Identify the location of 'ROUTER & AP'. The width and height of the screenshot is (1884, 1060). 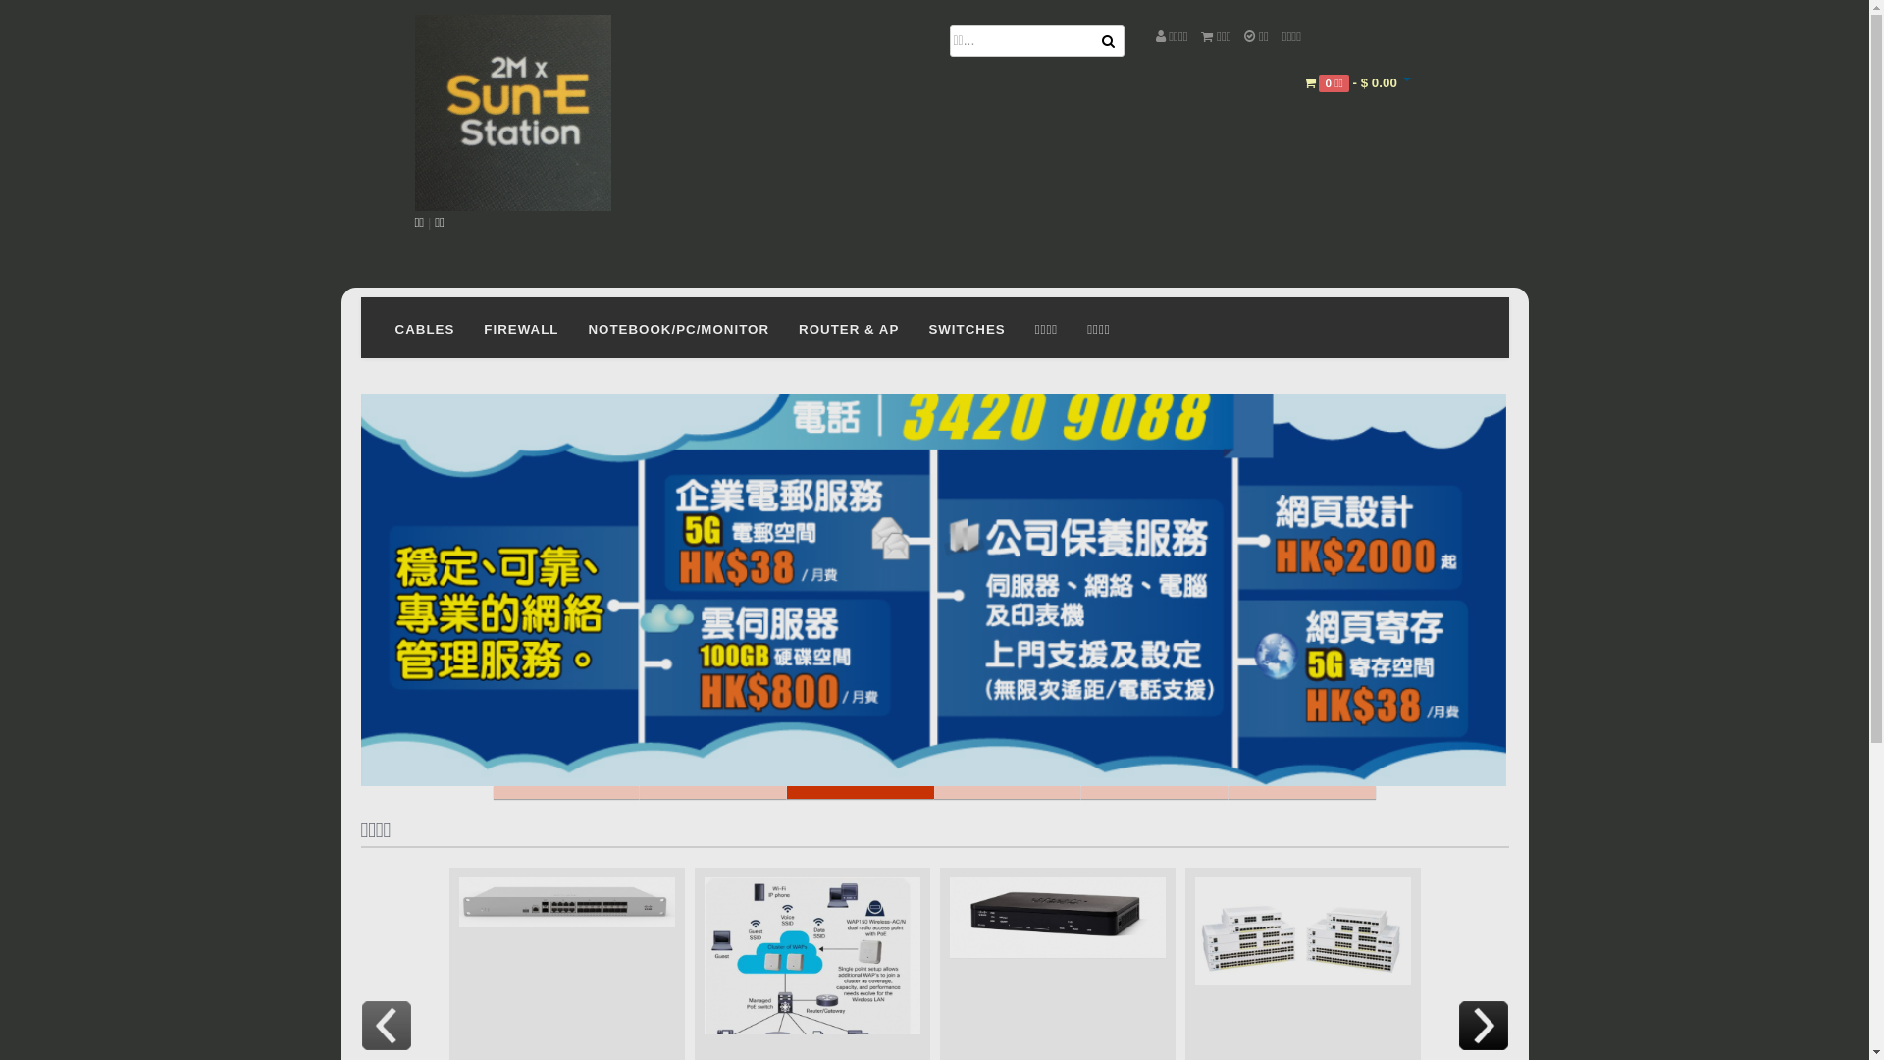
(782, 327).